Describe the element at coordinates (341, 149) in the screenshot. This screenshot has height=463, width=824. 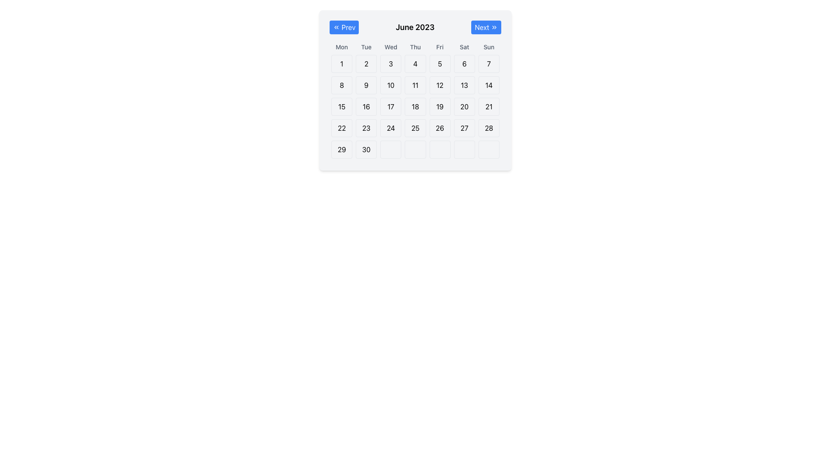
I see `the rounded square button labeled '29'` at that location.